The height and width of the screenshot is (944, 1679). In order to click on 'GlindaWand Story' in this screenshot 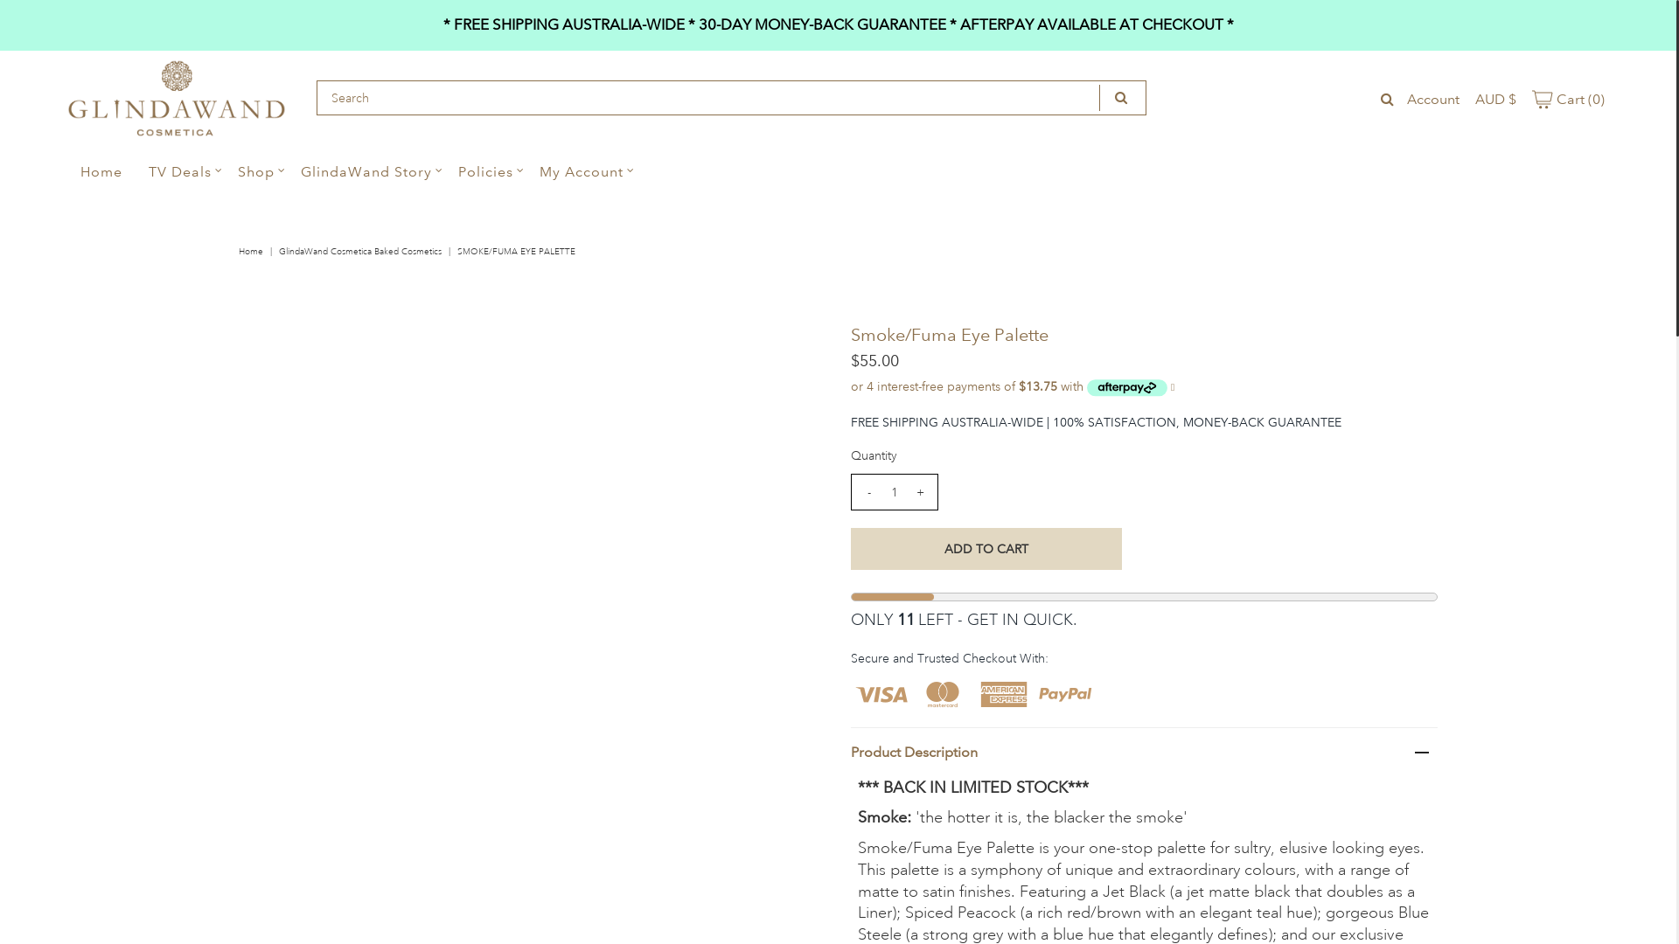, I will do `click(288, 171)`.